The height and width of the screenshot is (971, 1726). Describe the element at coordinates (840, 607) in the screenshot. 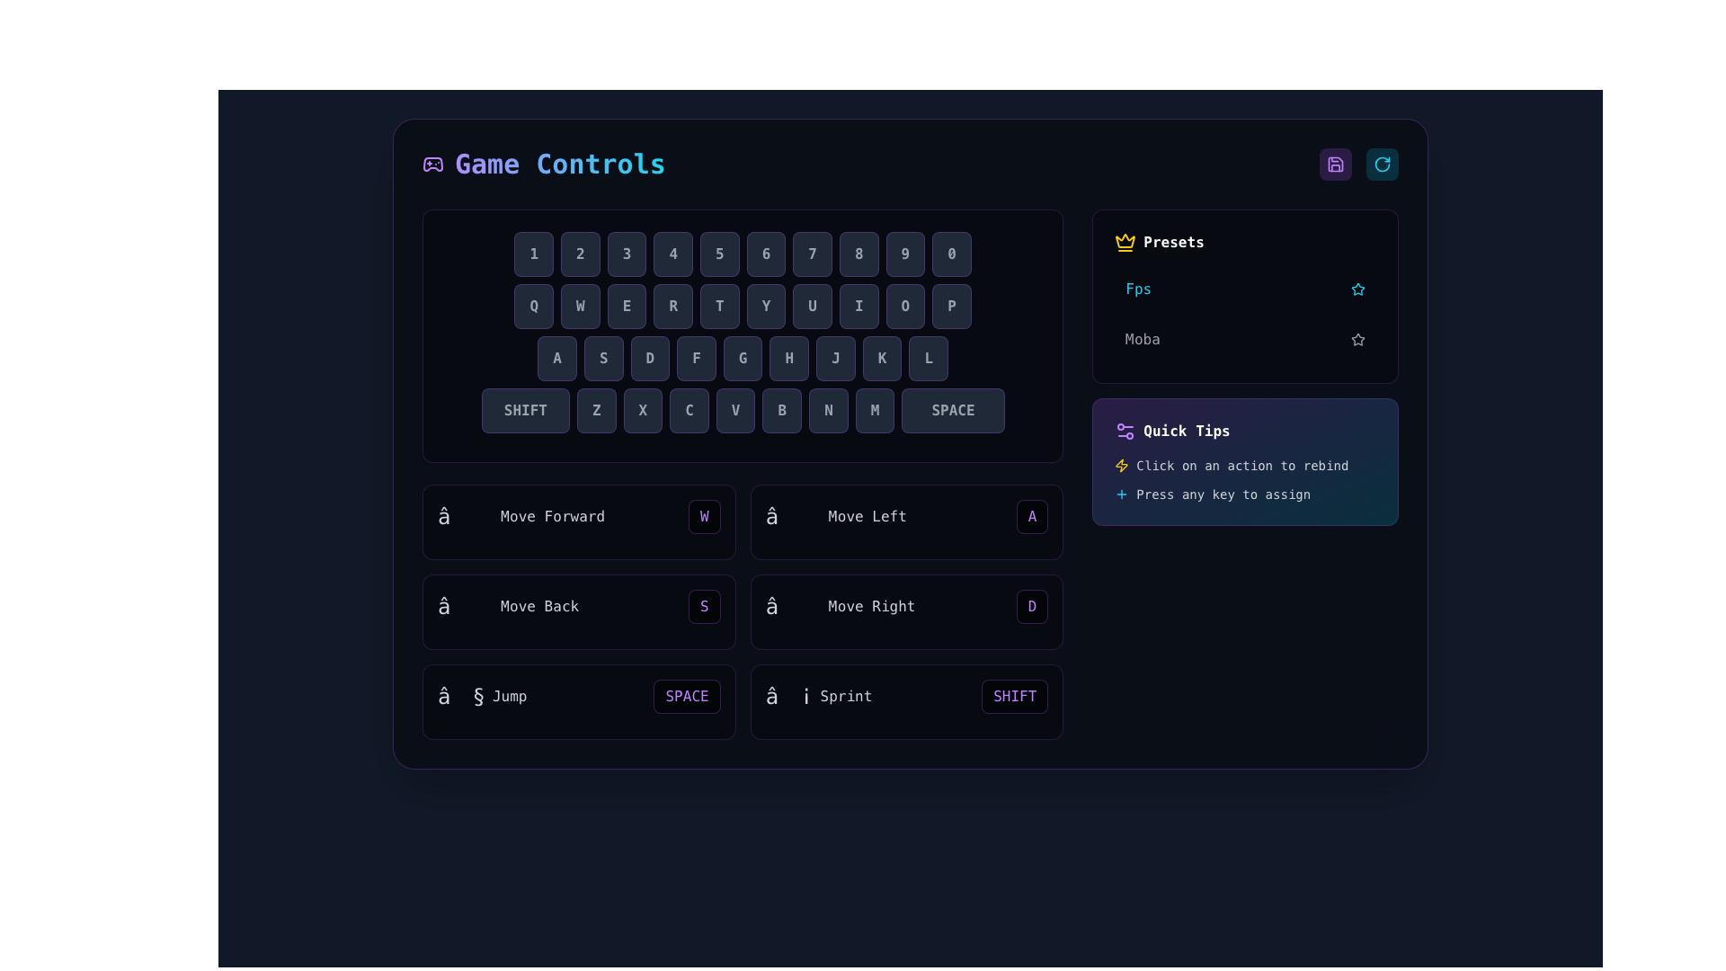

I see `the 'Move Right' text label which indicates the action and key command for moving right, located at the lower middle part of the directional controls layout` at that location.